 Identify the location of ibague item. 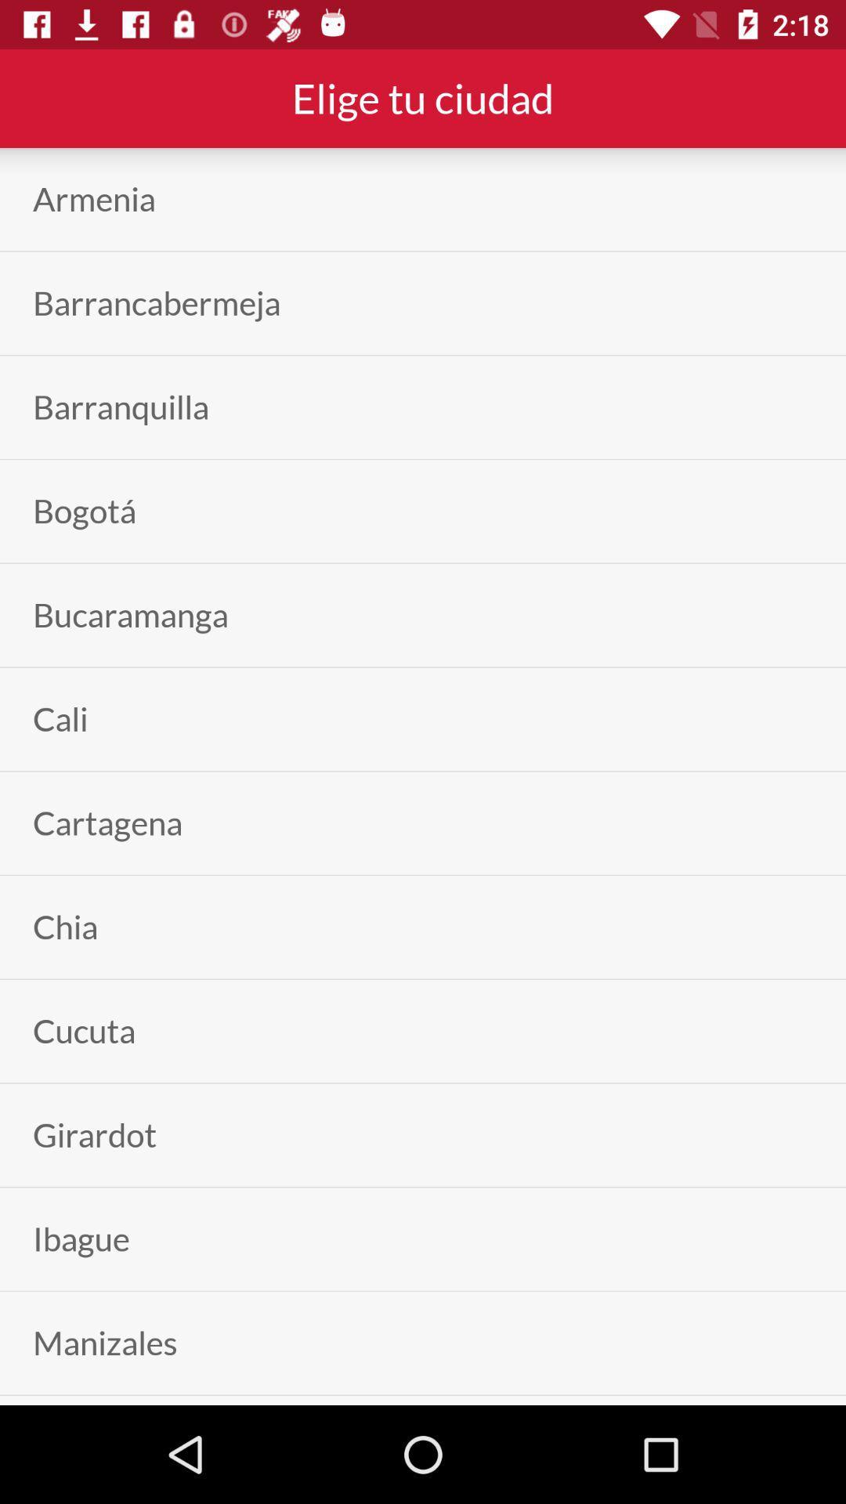
(81, 1238).